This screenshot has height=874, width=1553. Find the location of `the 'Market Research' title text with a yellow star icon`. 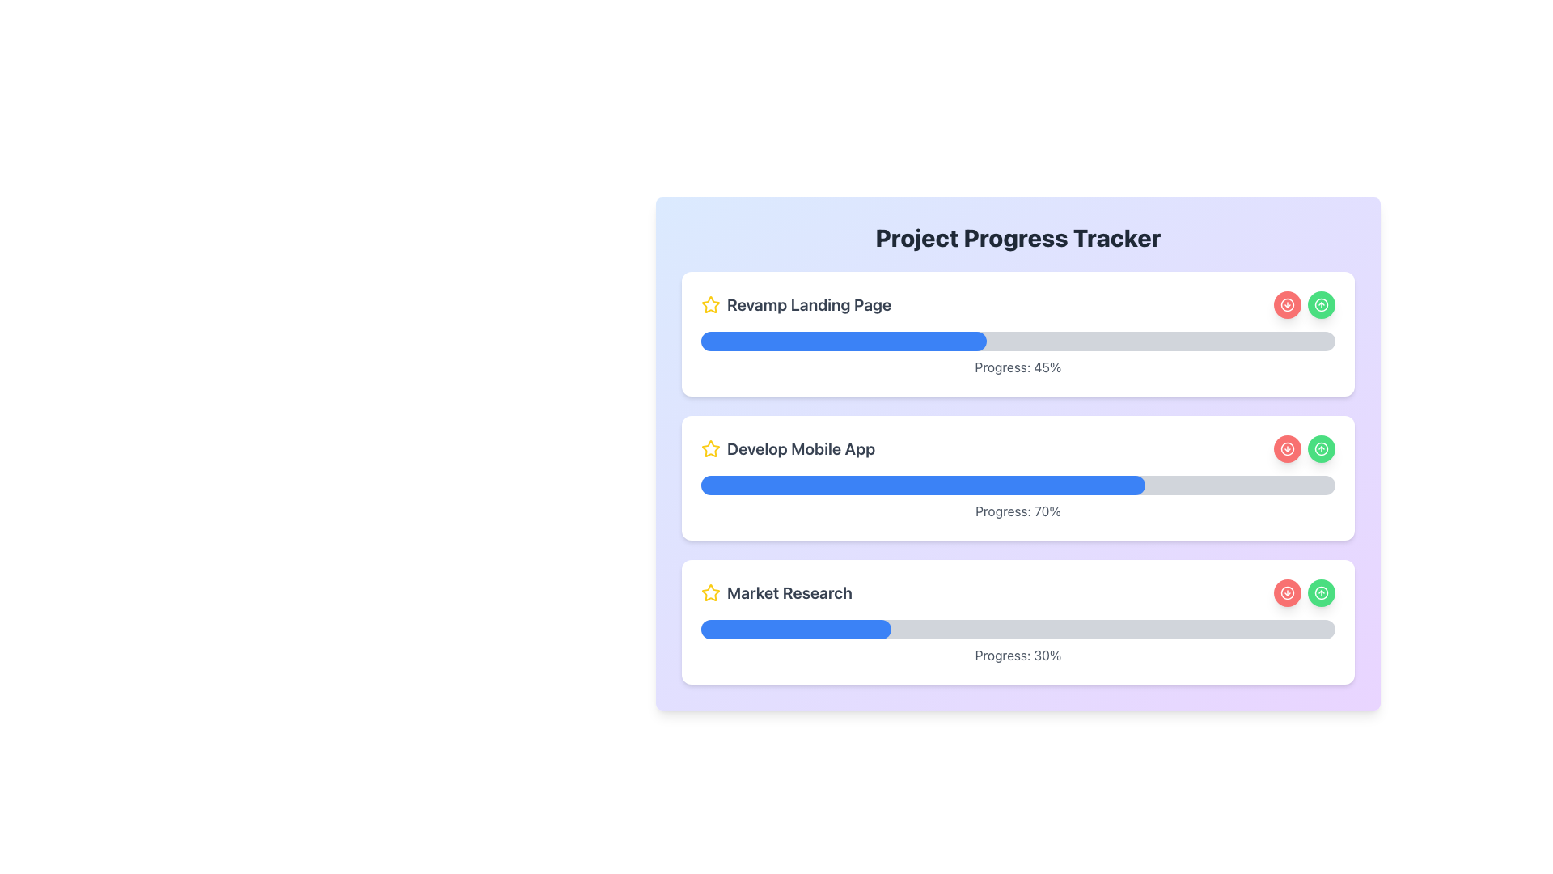

the 'Market Research' title text with a yellow star icon is located at coordinates (776, 592).